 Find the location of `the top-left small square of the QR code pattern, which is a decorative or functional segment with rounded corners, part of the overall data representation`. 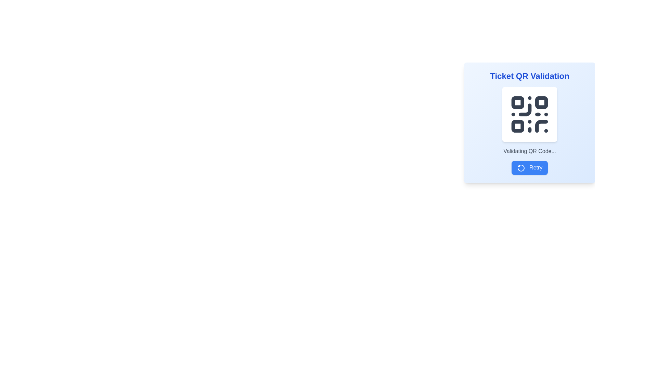

the top-left small square of the QR code pattern, which is a decorative or functional segment with rounded corners, part of the overall data representation is located at coordinates (518, 102).